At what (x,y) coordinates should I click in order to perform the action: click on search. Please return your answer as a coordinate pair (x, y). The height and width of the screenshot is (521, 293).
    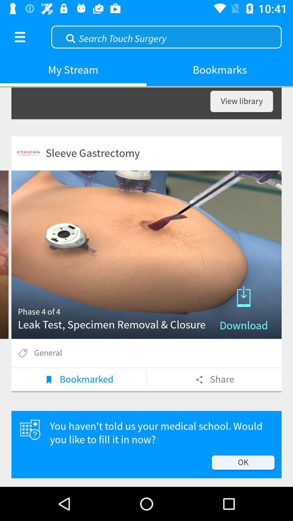
    Looking at the image, I should click on (166, 36).